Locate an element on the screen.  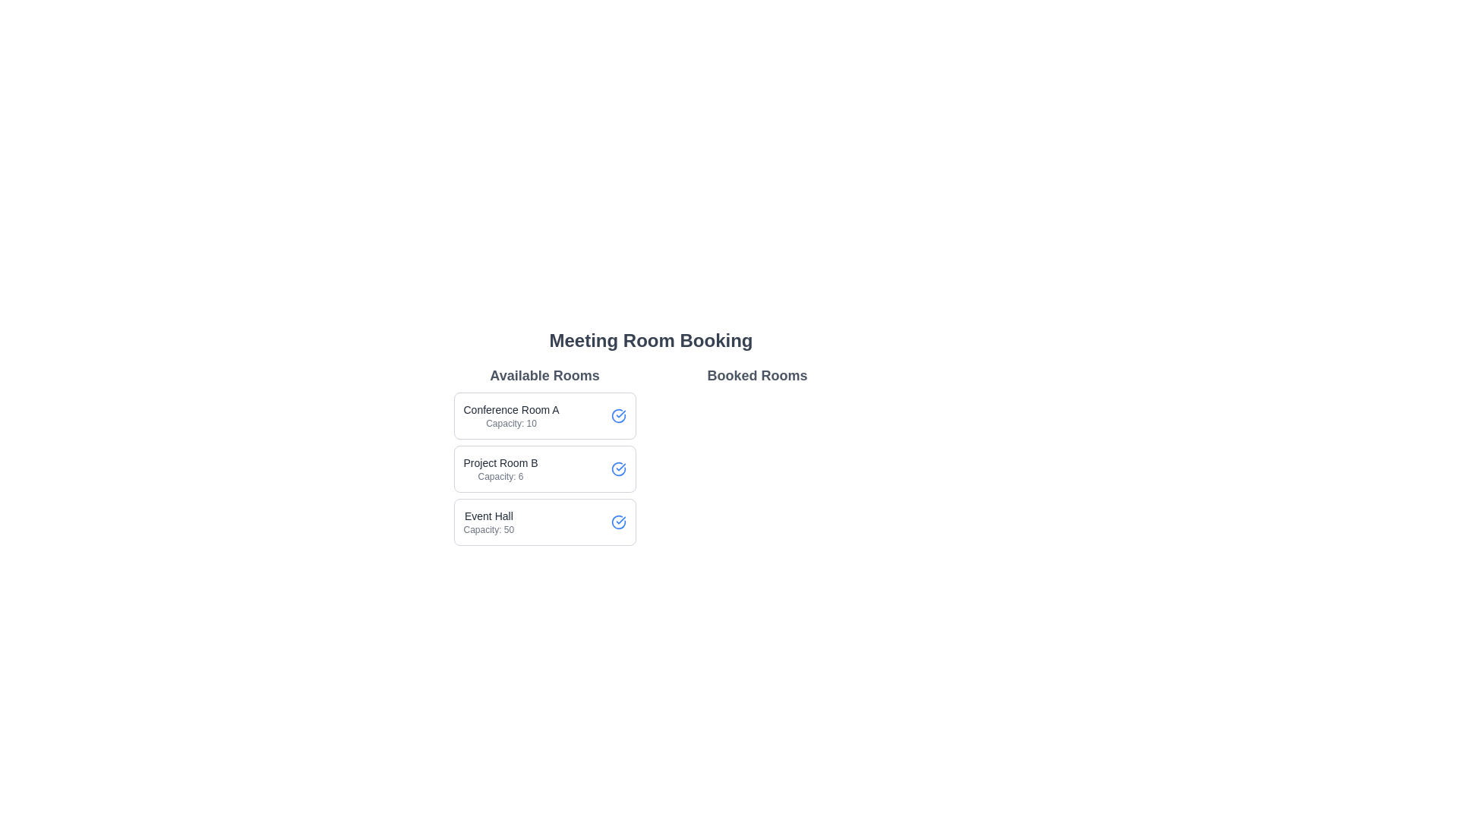
the Text informational display for the first room entry under the 'Available Rooms' section that provides details about the meeting room is located at coordinates (511, 415).